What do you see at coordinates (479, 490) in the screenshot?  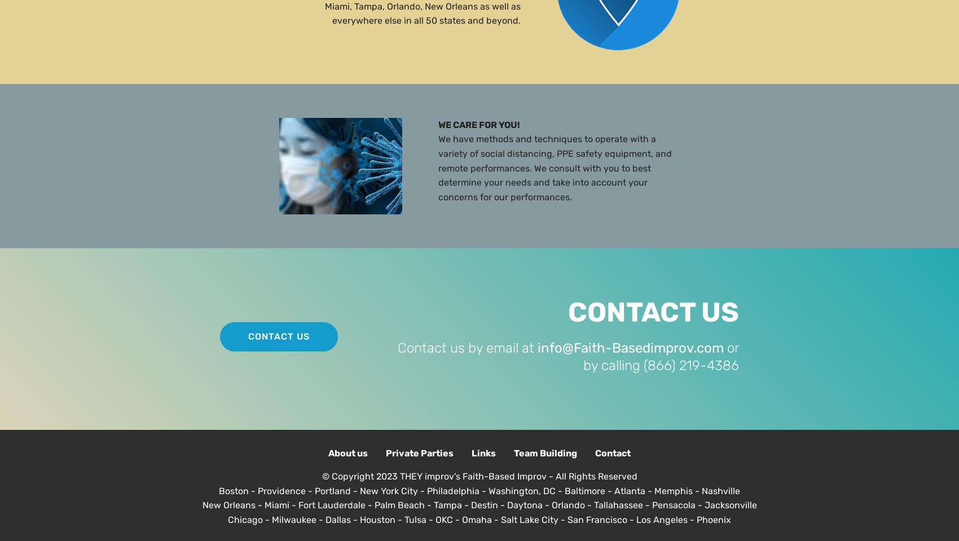 I see `'Boston - Providence - Portland - New York City - Philadelphia - Washington, DC - Baltimore - Atlanta - Memphis - Nashville'` at bounding box center [479, 490].